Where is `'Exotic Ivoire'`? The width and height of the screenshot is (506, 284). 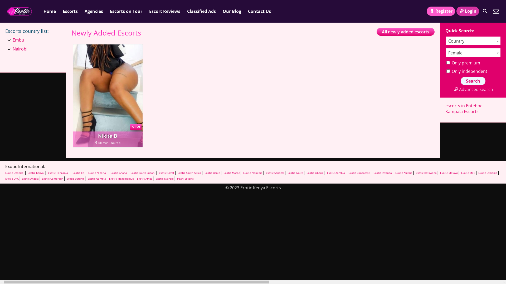 'Exotic Ivoire' is located at coordinates (295, 173).